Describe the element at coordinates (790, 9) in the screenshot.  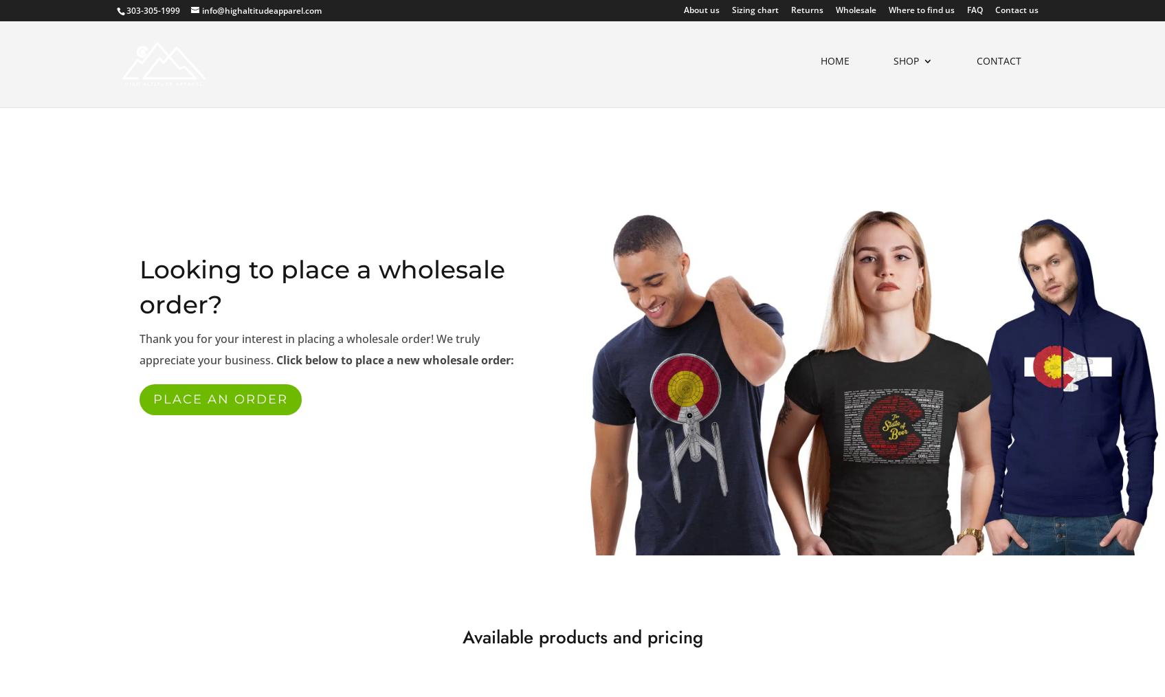
I see `'Returns'` at that location.